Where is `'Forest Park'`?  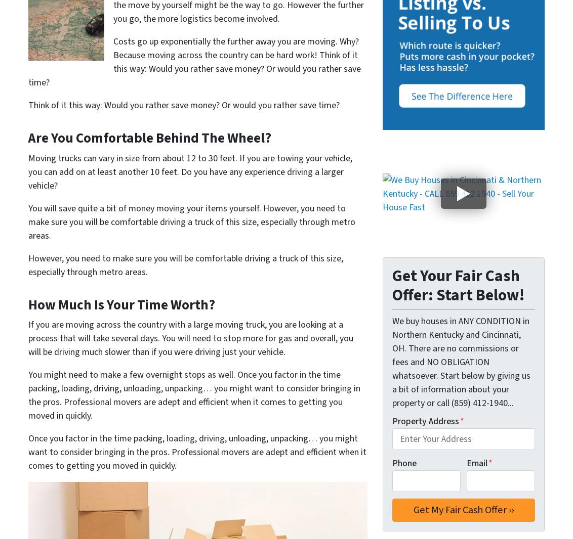
'Forest Park' is located at coordinates (403, 117).